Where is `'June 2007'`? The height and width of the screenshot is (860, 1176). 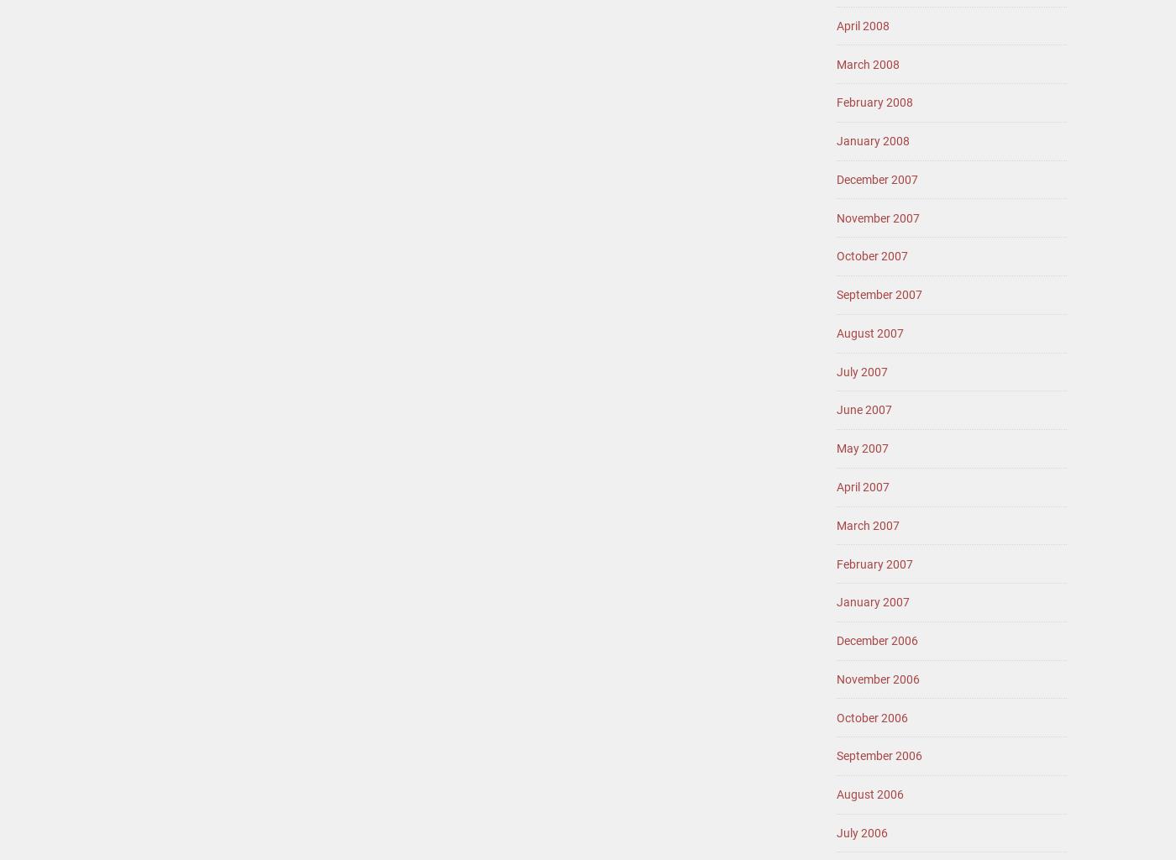
'June 2007' is located at coordinates (864, 409).